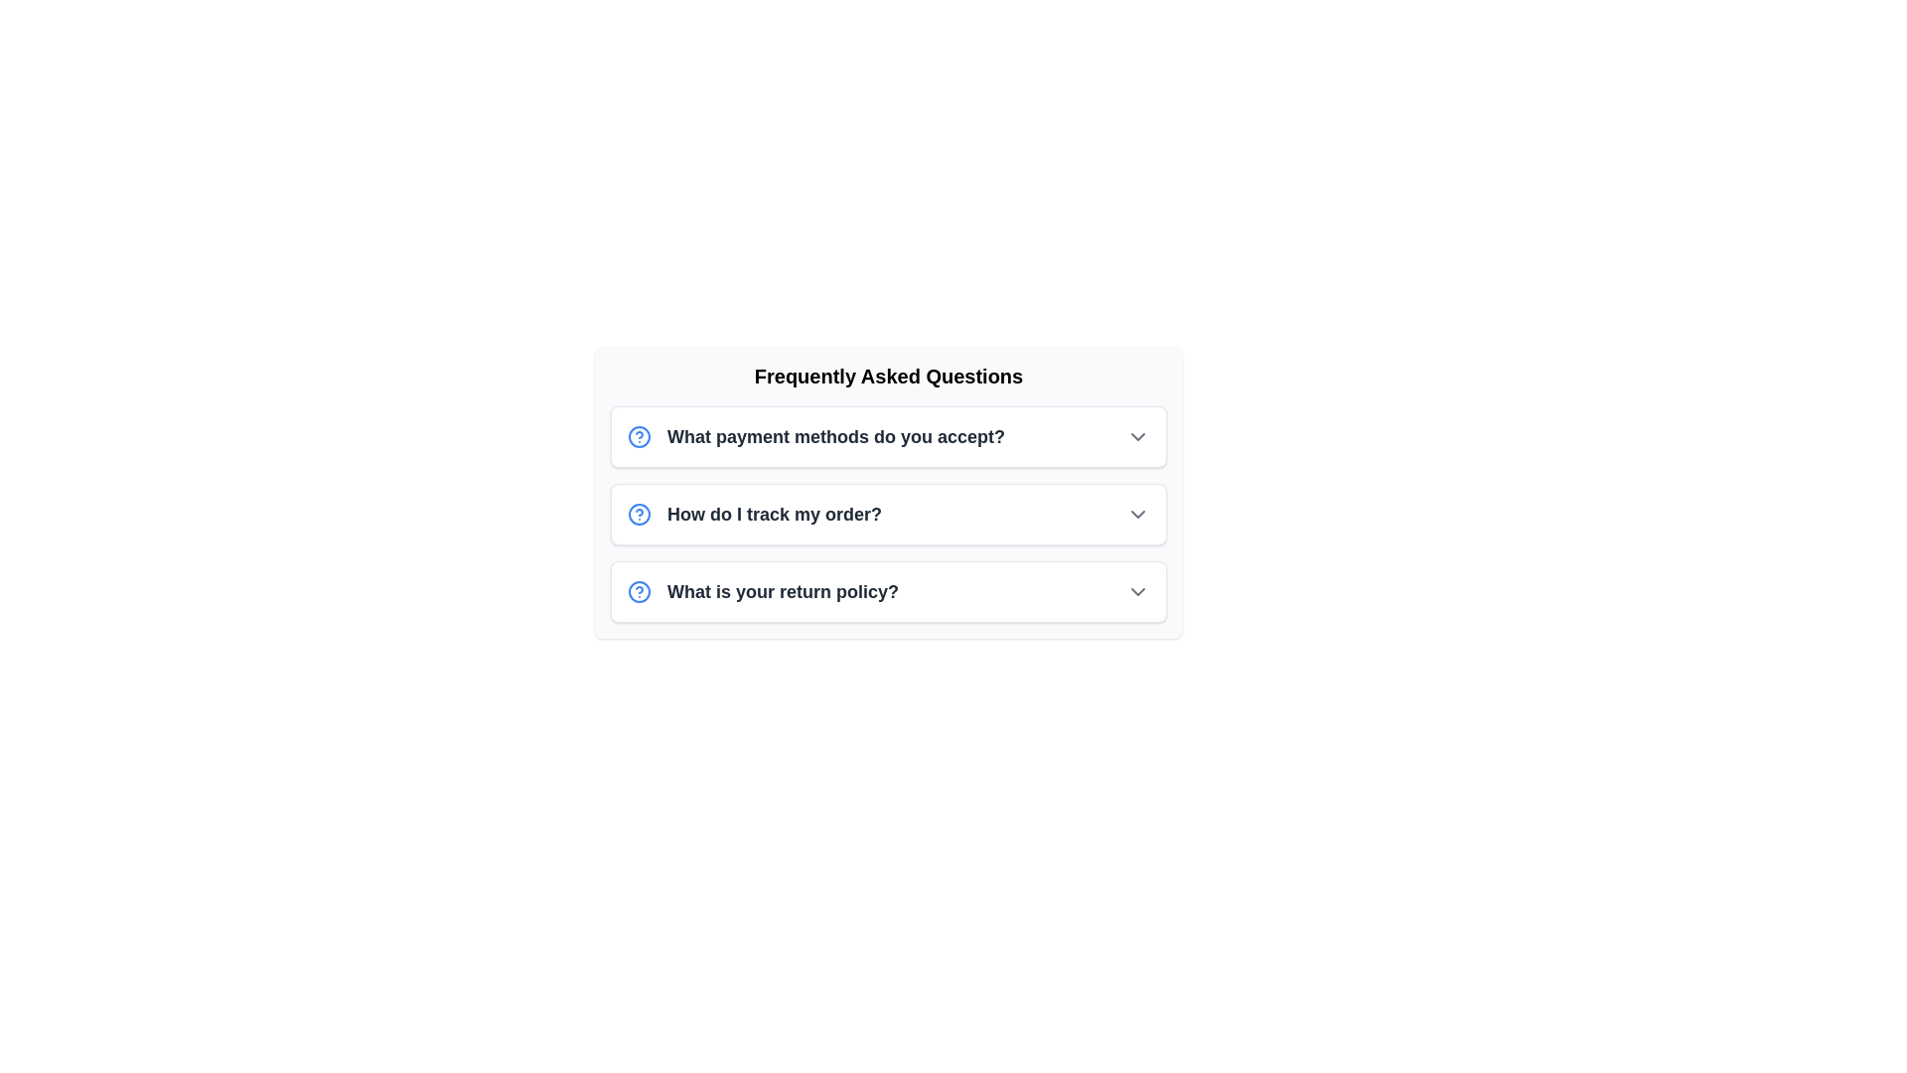  What do you see at coordinates (753, 513) in the screenshot?
I see `the second expandable question item in the 'Frequently Asked Questions' section that asks 'How do I track my order?'` at bounding box center [753, 513].